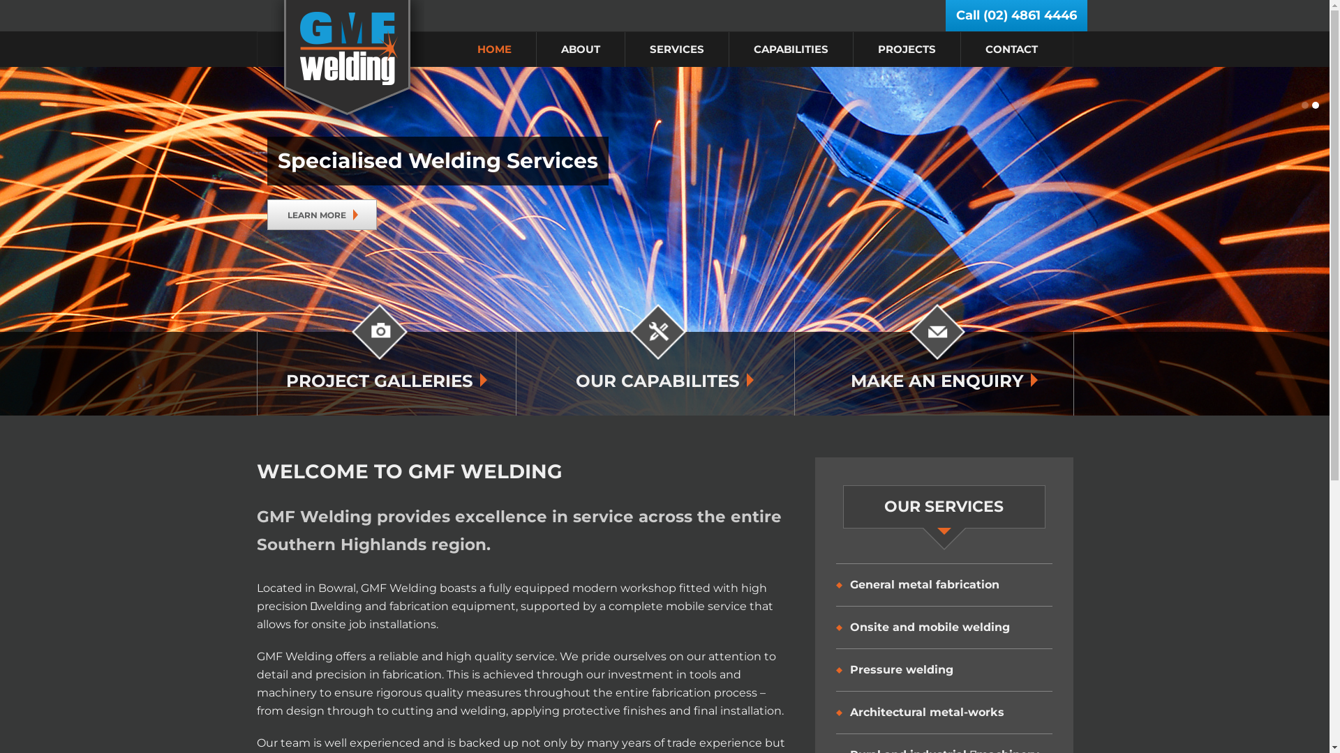 The height and width of the screenshot is (753, 1340). Describe the element at coordinates (580, 48) in the screenshot. I see `'ABOUT'` at that location.